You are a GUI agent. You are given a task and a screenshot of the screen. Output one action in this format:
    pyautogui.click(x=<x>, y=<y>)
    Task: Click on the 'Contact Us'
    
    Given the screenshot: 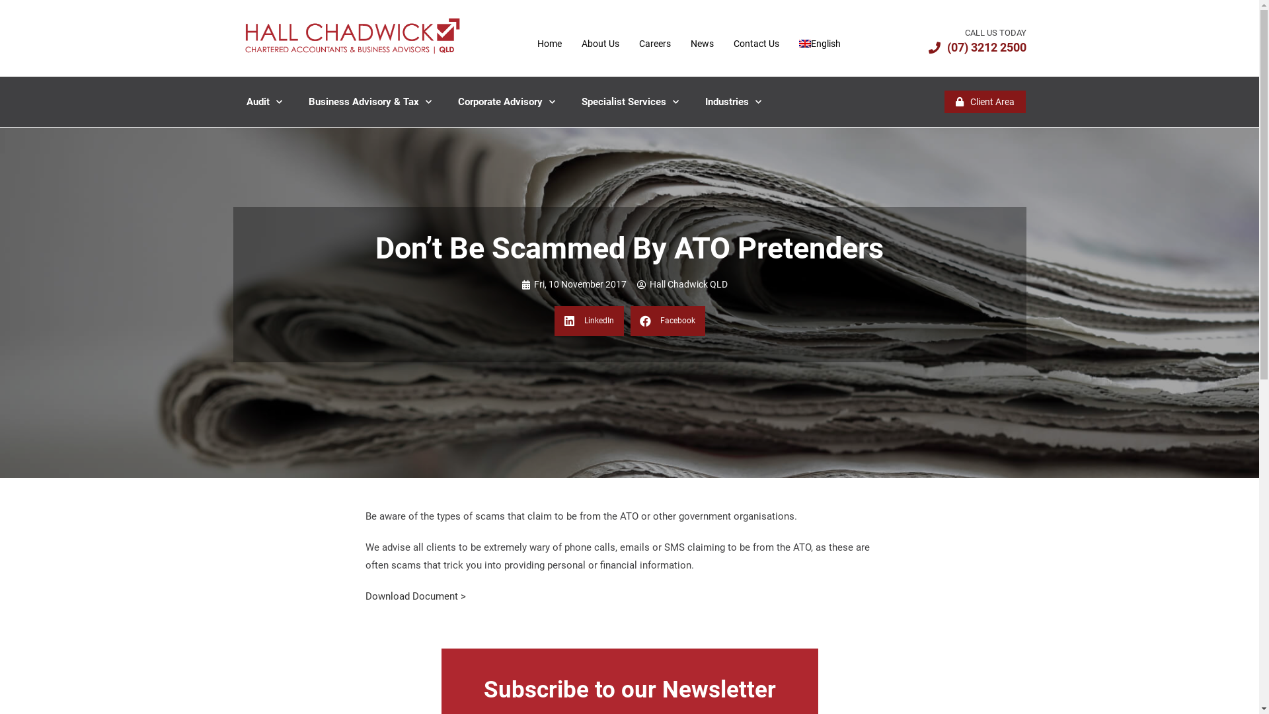 What is the action you would take?
    pyautogui.click(x=756, y=42)
    